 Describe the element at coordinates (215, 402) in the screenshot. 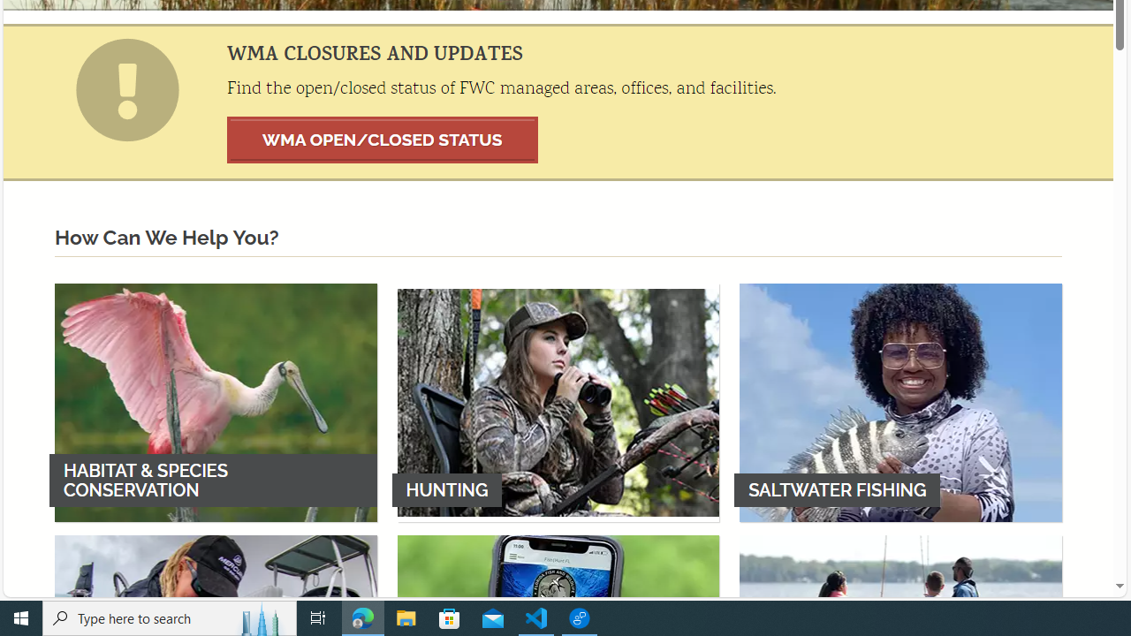

I see `'HABITAT & SPECIES CONSERVATION'` at that location.